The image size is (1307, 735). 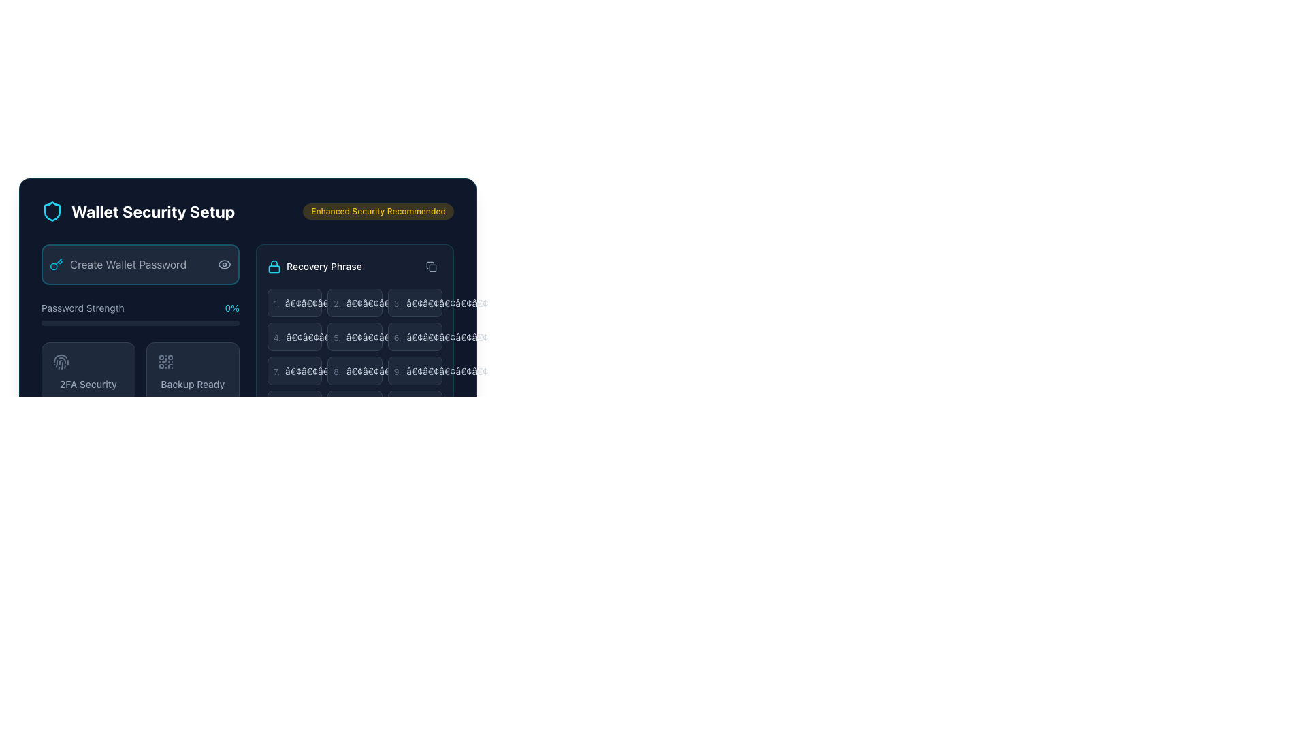 I want to click on text from the '2FA Security' label located in the bottom section of a tile beneath the fingerprint icon, so click(x=87, y=384).